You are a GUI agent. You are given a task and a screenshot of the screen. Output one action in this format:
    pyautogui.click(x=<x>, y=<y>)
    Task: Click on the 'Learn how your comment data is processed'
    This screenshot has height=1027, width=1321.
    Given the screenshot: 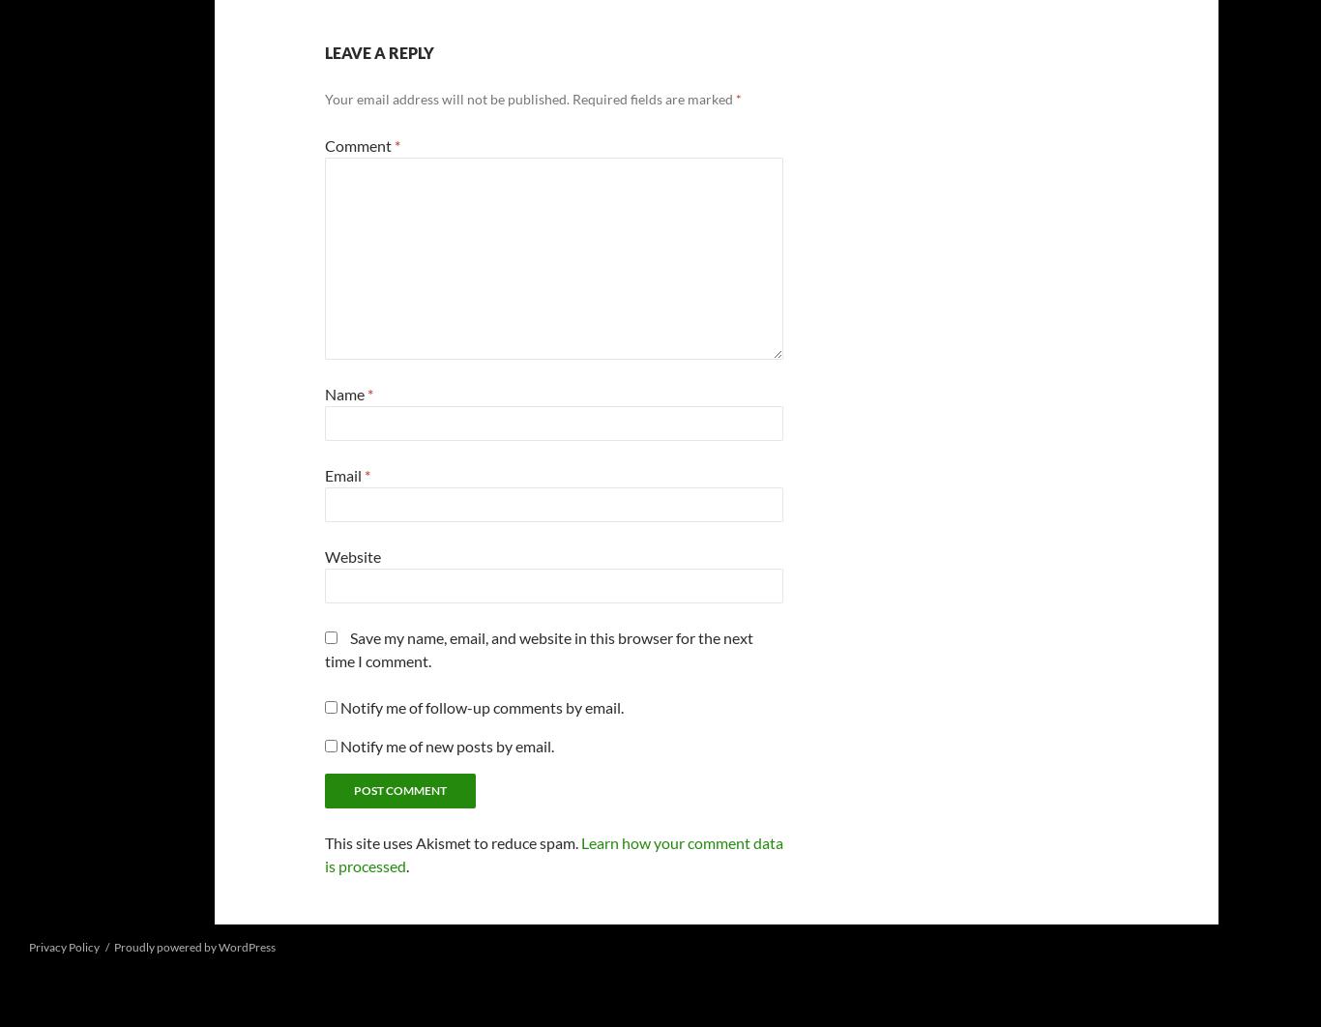 What is the action you would take?
    pyautogui.click(x=553, y=853)
    